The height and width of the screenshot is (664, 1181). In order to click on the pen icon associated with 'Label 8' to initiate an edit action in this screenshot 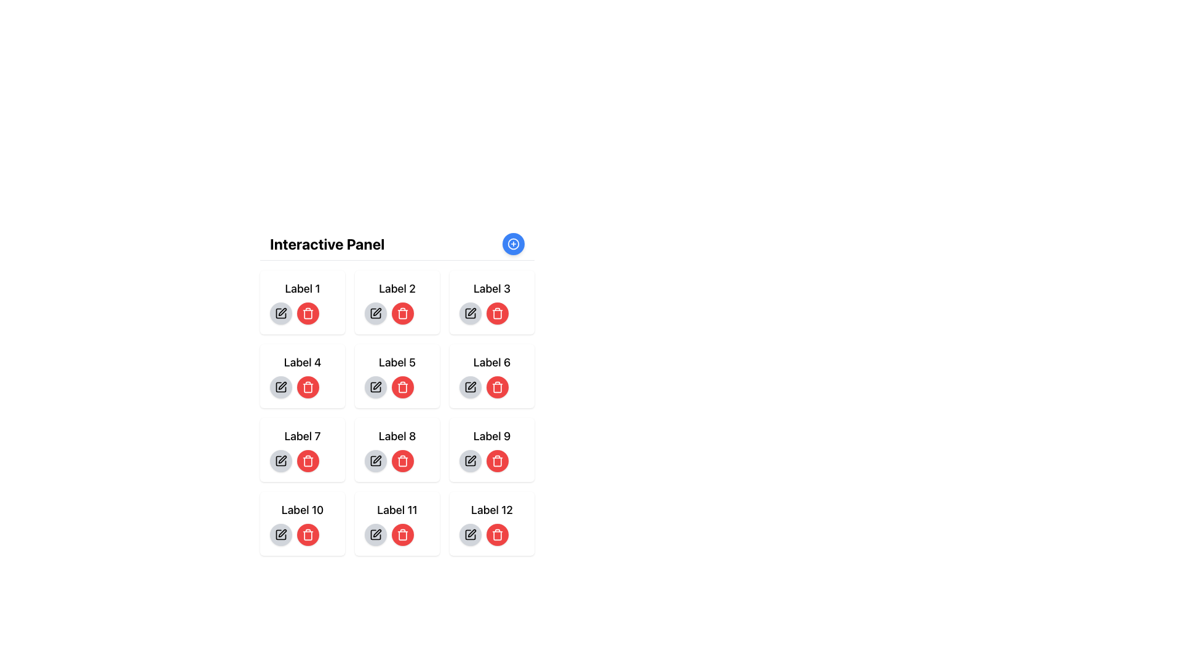, I will do `click(375, 460)`.